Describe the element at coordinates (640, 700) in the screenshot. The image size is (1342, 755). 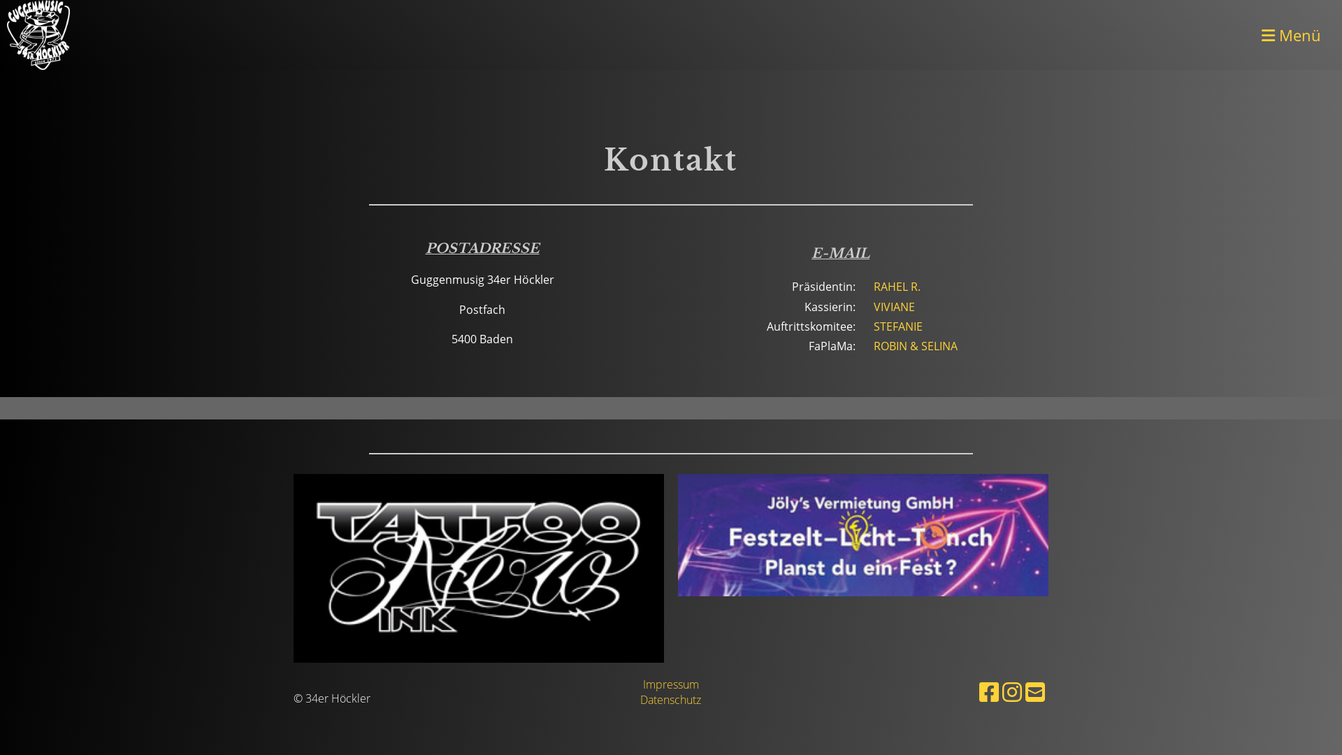
I see `'Datenschutz'` at that location.